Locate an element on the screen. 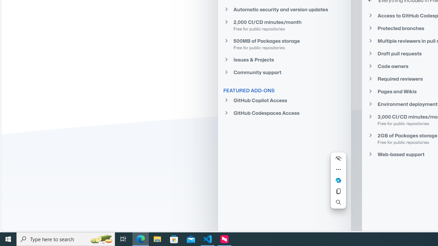 The width and height of the screenshot is (438, 246). '500MB of Packages storage Free for public repositories' is located at coordinates (284, 44).